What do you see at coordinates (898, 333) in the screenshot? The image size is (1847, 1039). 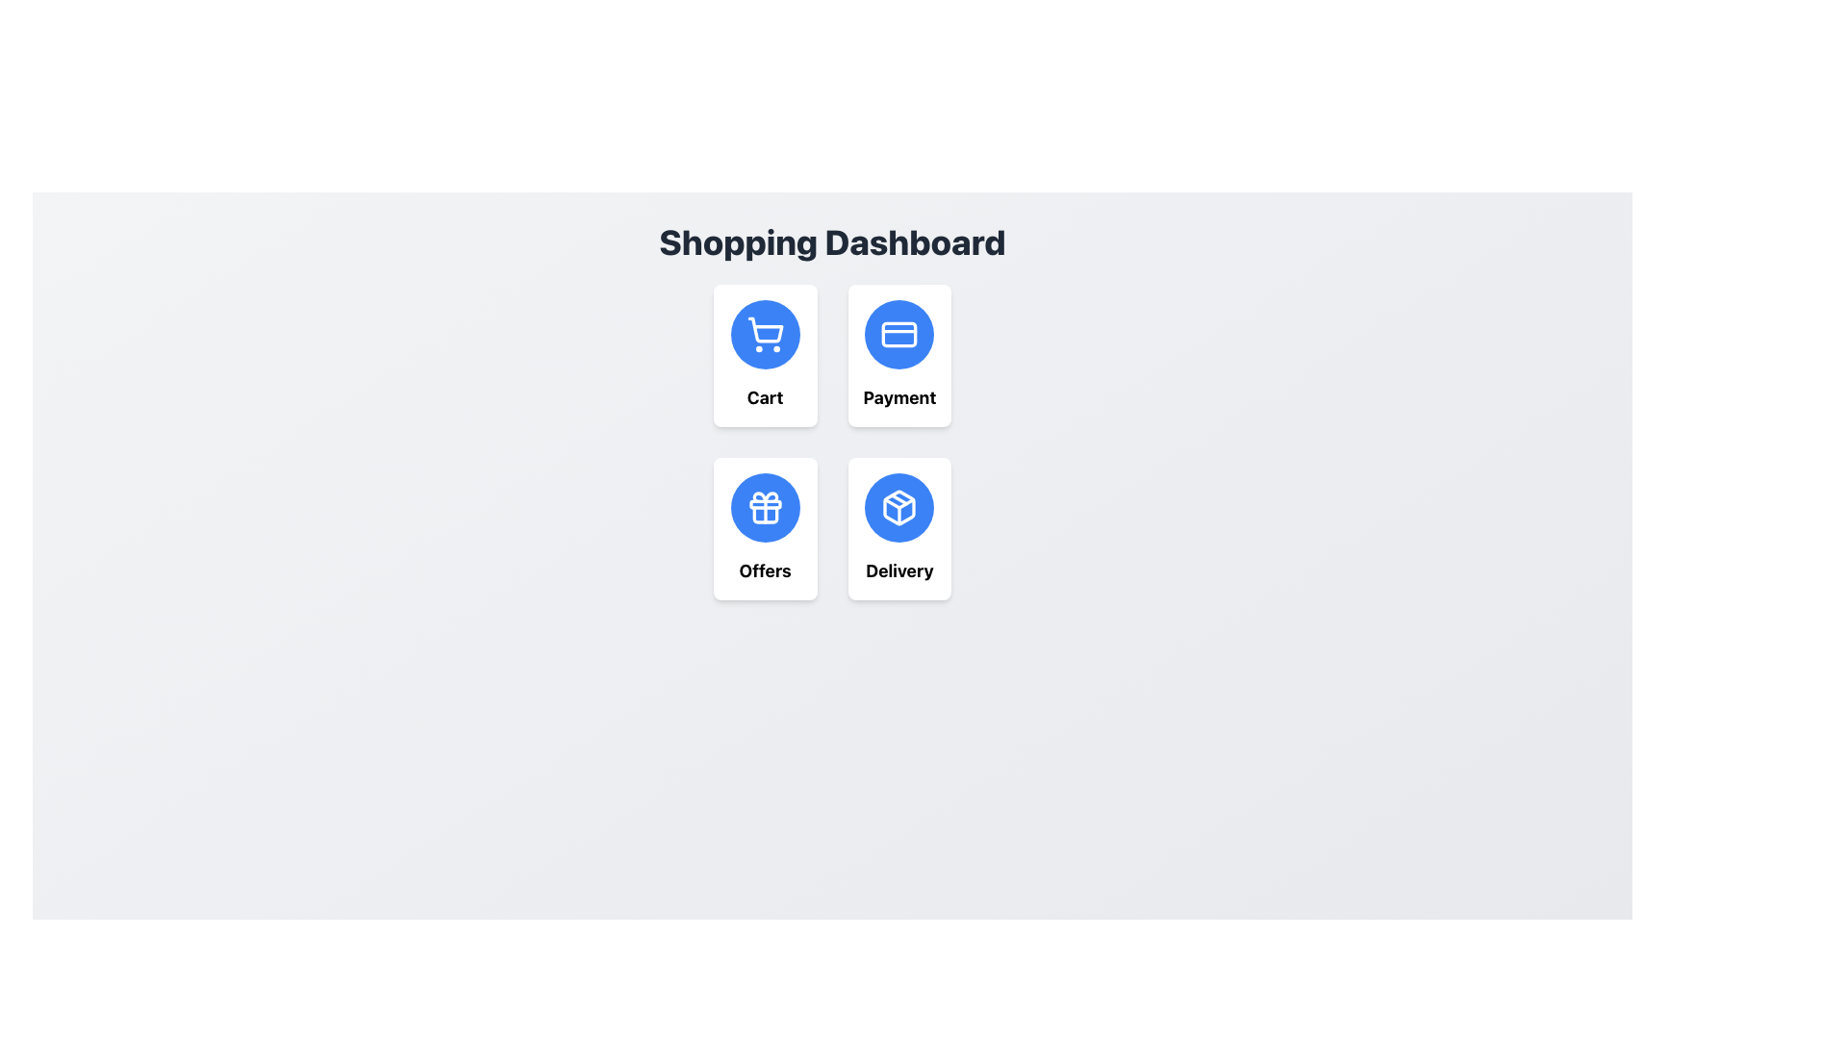 I see `the body of the credit card graphic within the 'Payment' icon, which is the second button in the top row of the four-icon grid layout` at bounding box center [898, 333].